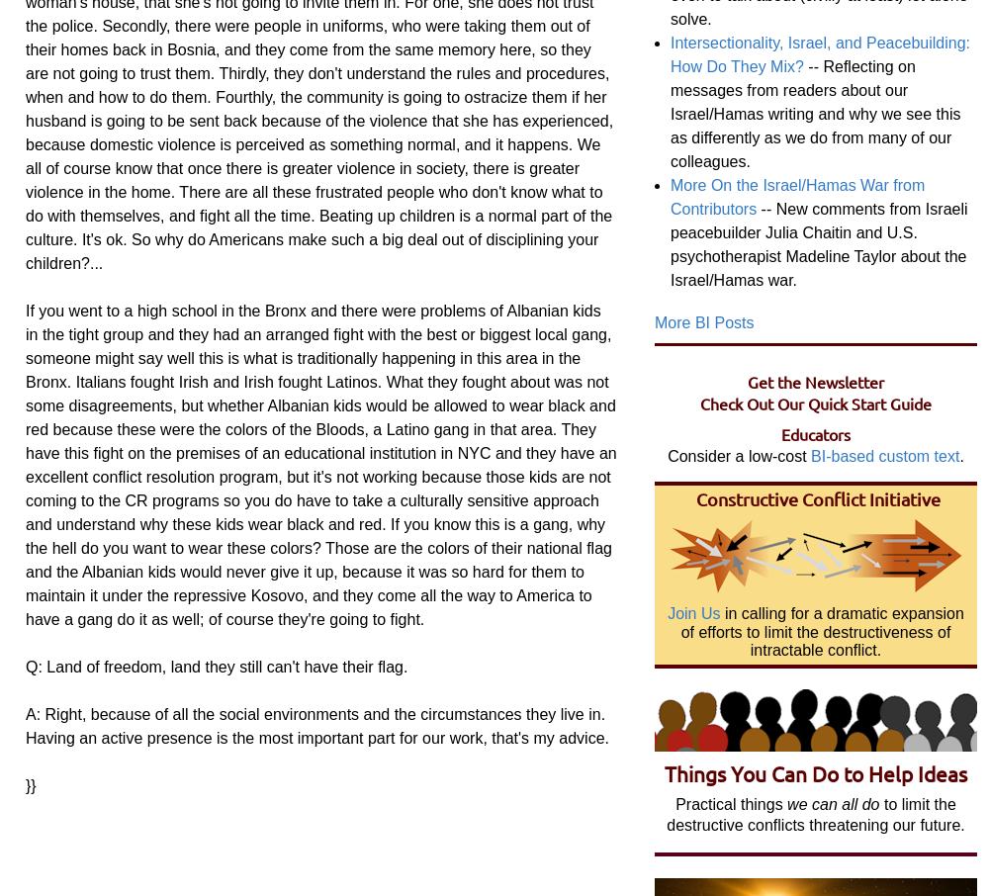 This screenshot has width=989, height=896. Describe the element at coordinates (781, 433) in the screenshot. I see `'Educators'` at that location.